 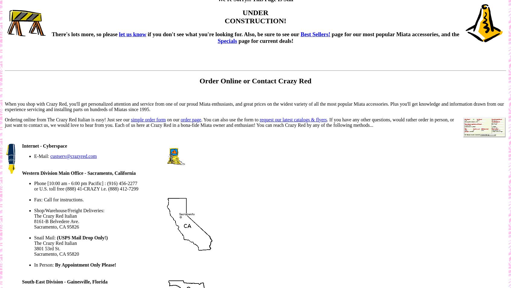 What do you see at coordinates (68, 119) in the screenshot?
I see `'Ordering 
  online from The Crazy Red Italian is easy! Just see our'` at bounding box center [68, 119].